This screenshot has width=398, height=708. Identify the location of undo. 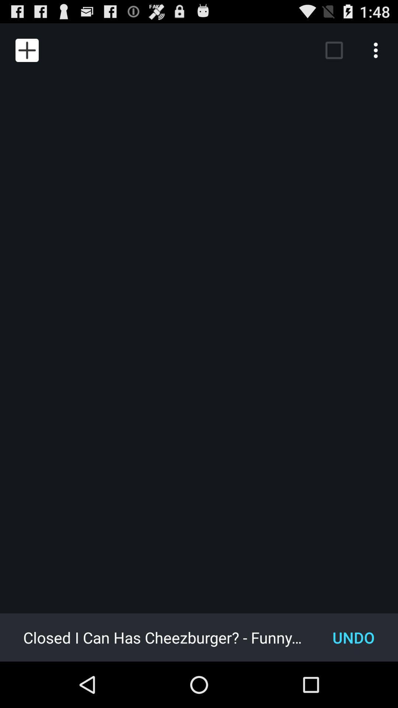
(353, 637).